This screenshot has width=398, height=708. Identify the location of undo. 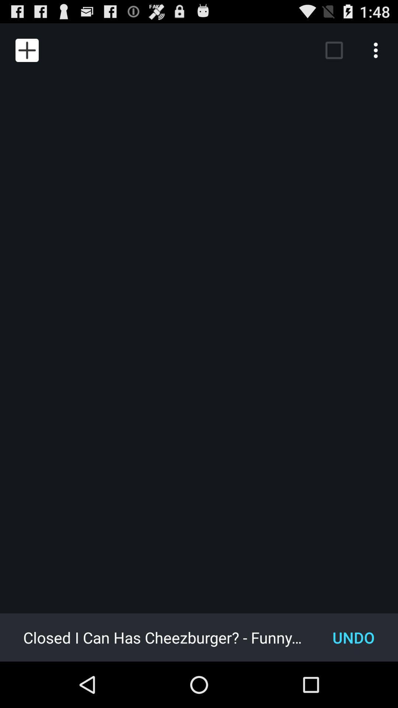
(353, 637).